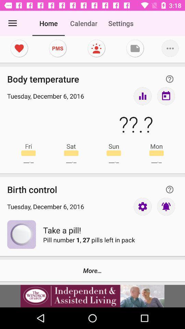 The image size is (185, 329). What do you see at coordinates (96, 48) in the screenshot?
I see `moods section` at bounding box center [96, 48].